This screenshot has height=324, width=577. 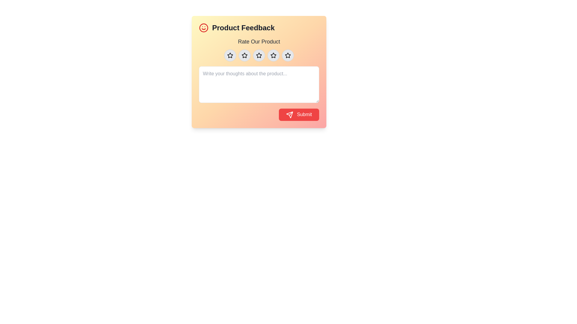 I want to click on the second star icon in the row of five star icons located below the 'Rate Our Product' label in the feedback form box, so click(x=245, y=55).